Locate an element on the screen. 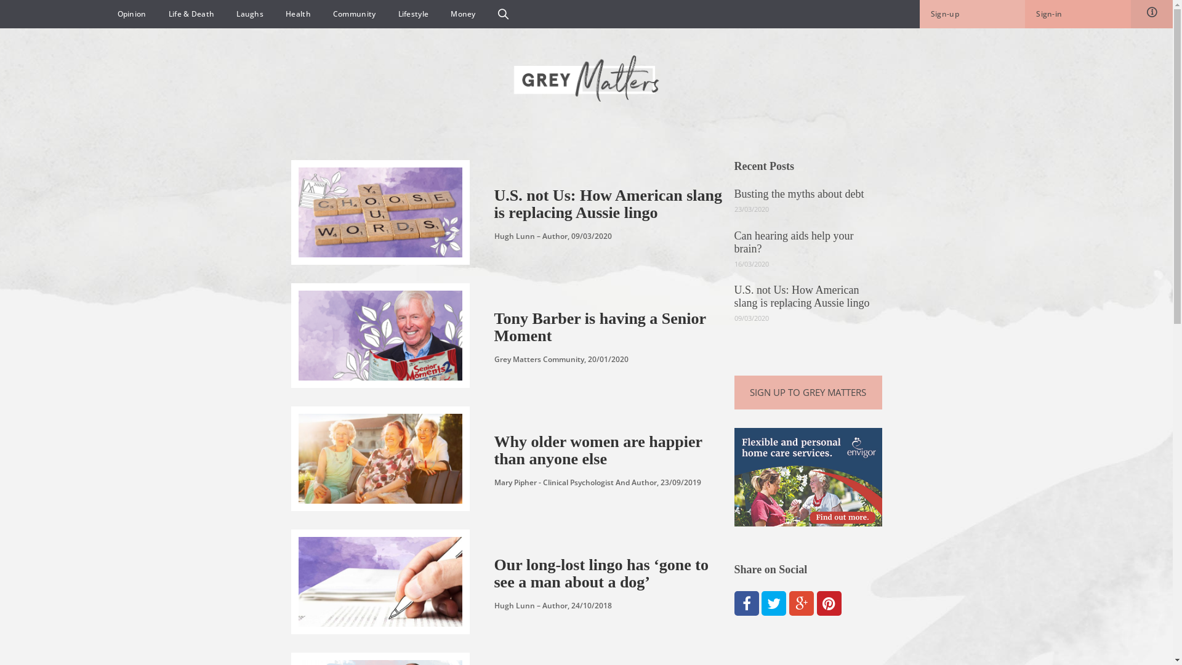  'Sign-up' is located at coordinates (977, 14).